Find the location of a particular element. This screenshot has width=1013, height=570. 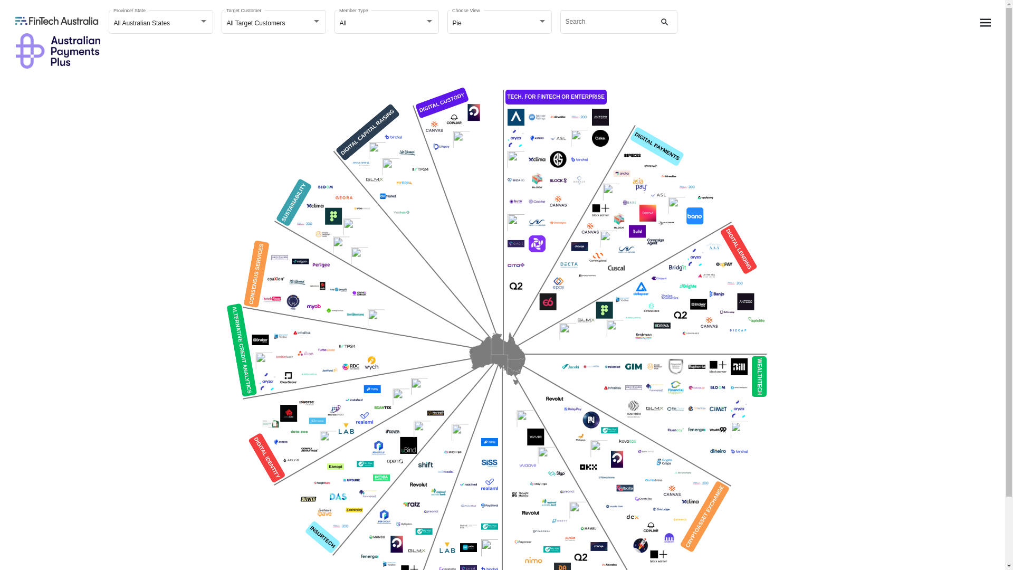

'SISS DATA SERVICES' is located at coordinates (489, 463).